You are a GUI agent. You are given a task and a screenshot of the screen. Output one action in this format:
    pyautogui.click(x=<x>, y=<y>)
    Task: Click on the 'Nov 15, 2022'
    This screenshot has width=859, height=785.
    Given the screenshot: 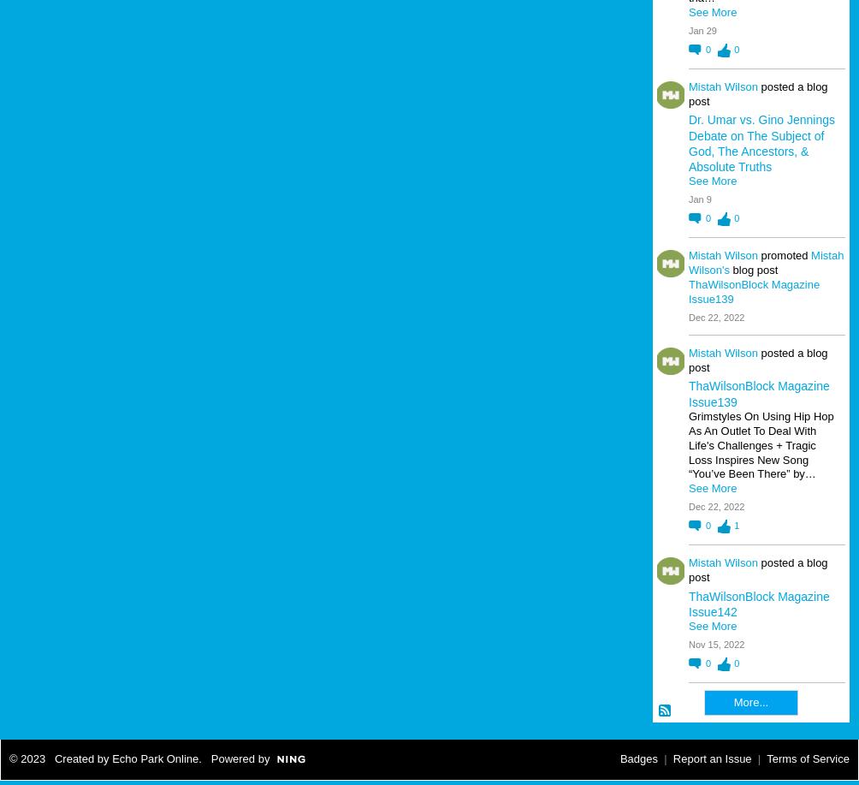 What is the action you would take?
    pyautogui.click(x=716, y=644)
    